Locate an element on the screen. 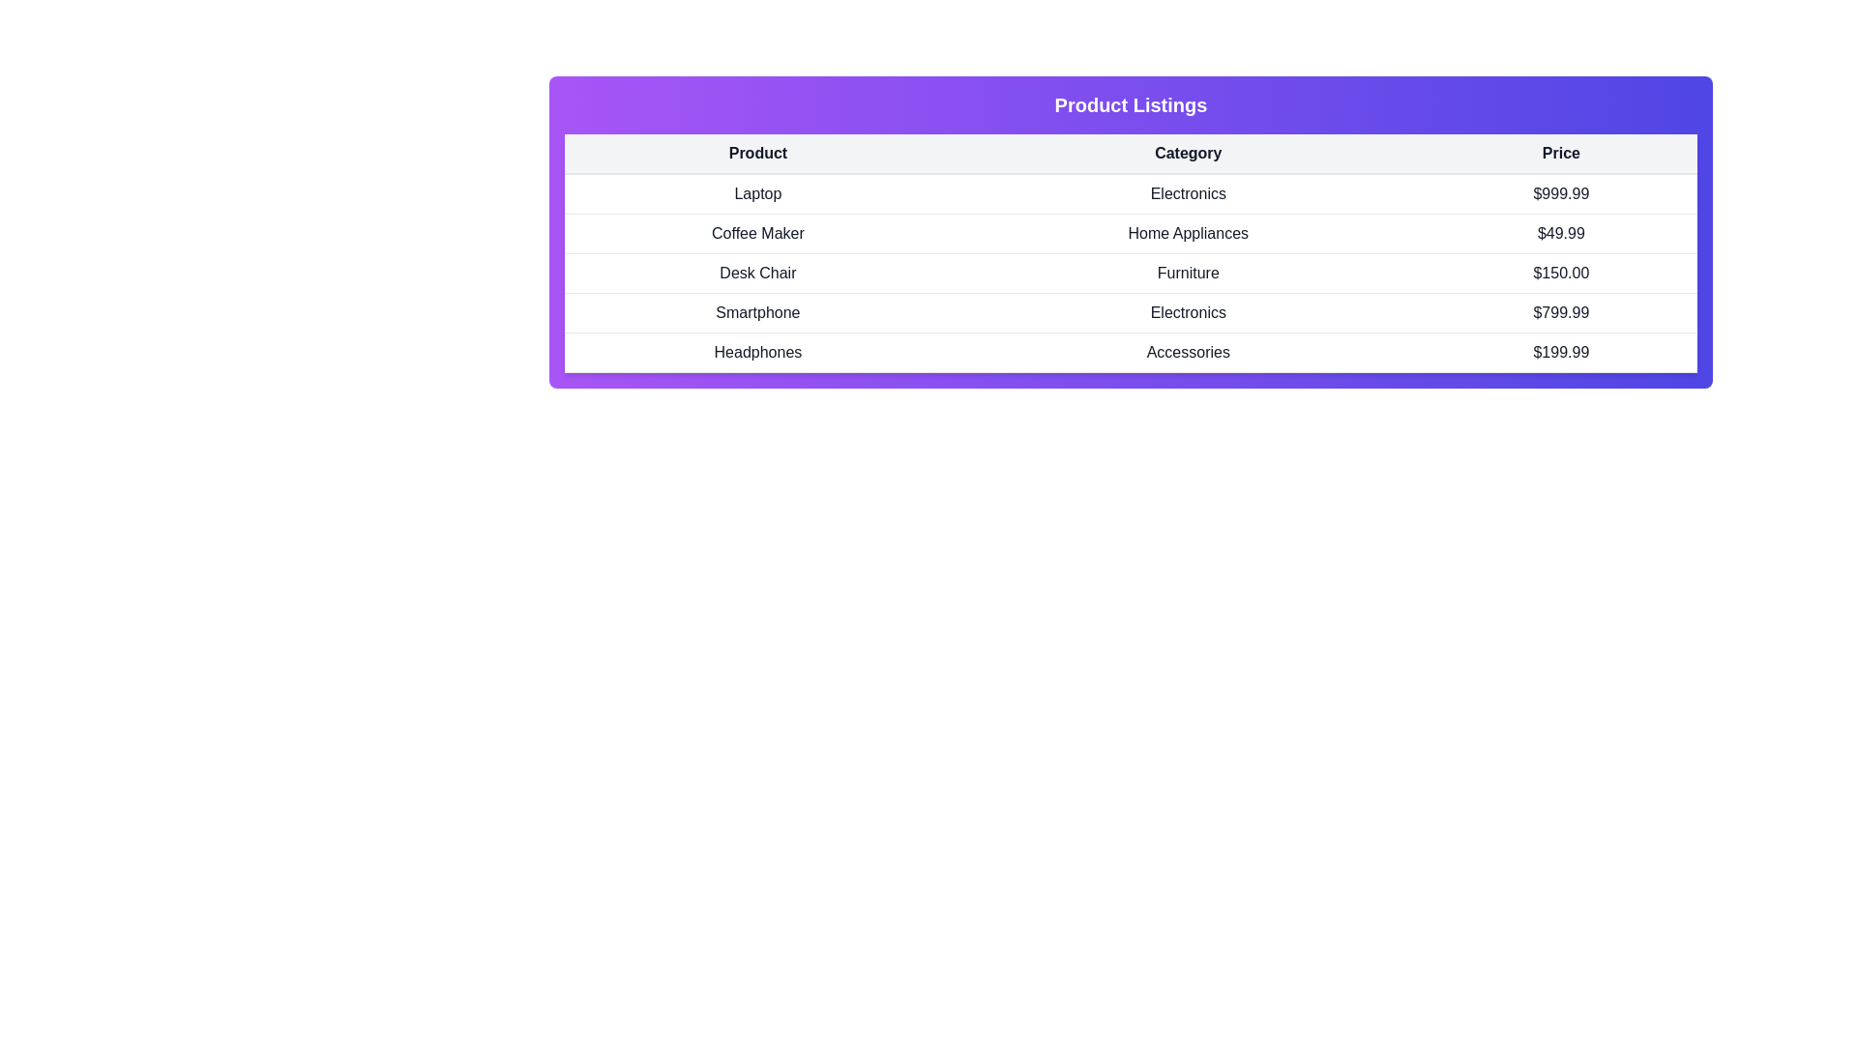  the header element that labels the column displaying product names in the data table, located at the far left of the horizontal table header row is located at coordinates (756, 153).